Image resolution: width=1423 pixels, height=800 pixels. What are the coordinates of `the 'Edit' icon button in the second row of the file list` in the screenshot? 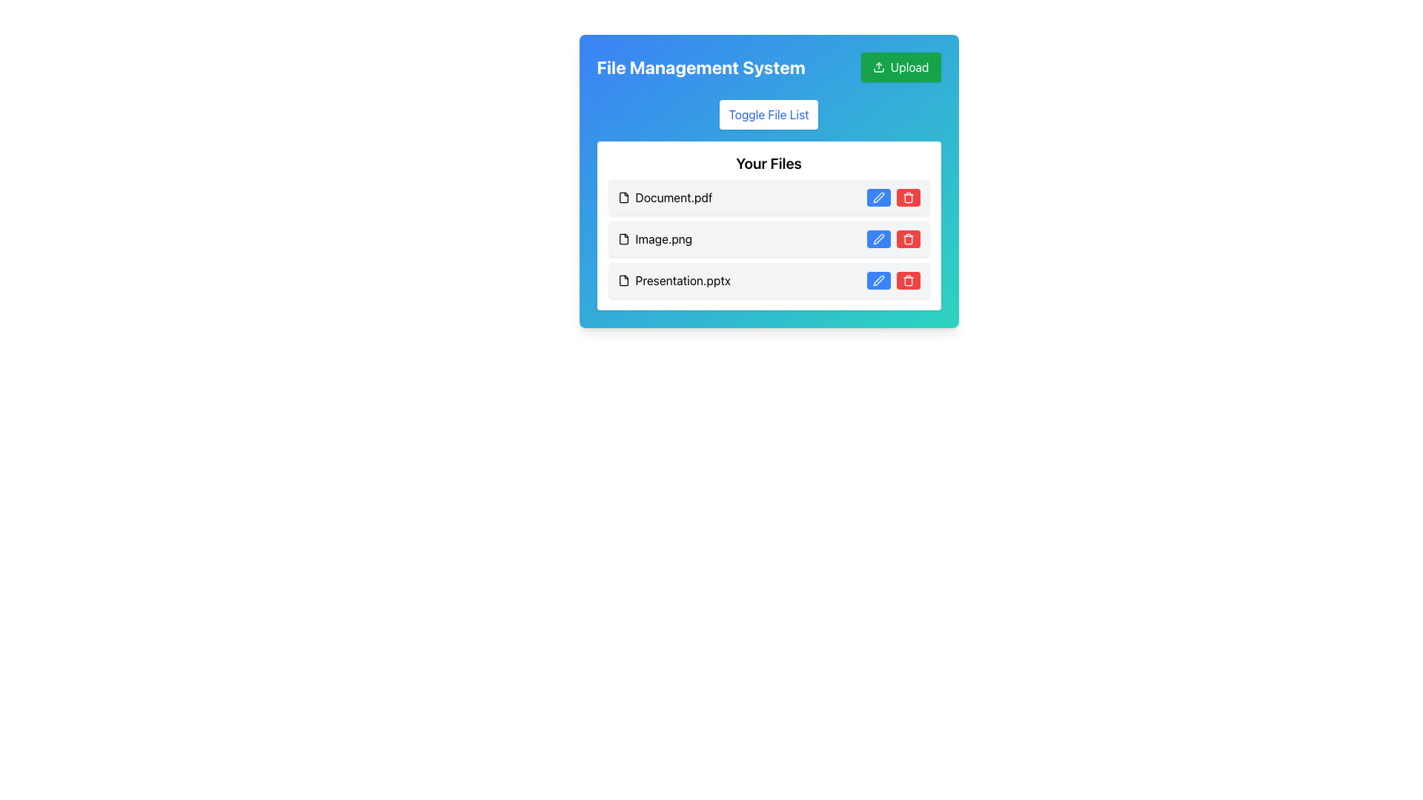 It's located at (878, 196).